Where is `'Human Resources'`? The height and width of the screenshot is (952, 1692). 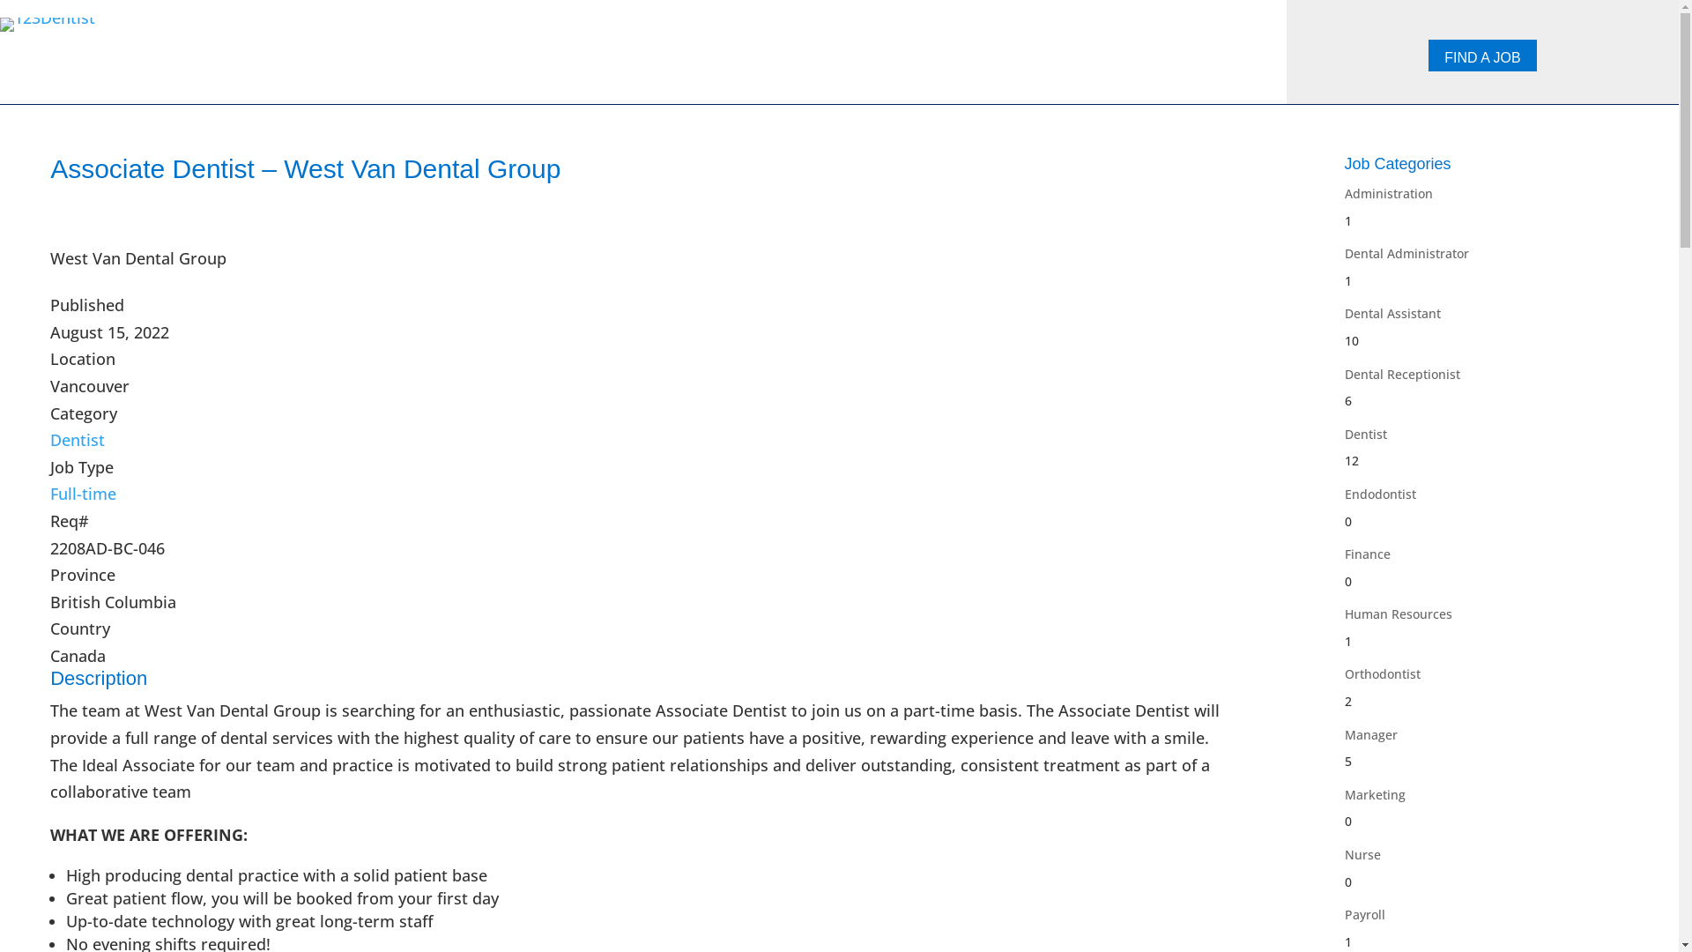
'Human Resources' is located at coordinates (1344, 613).